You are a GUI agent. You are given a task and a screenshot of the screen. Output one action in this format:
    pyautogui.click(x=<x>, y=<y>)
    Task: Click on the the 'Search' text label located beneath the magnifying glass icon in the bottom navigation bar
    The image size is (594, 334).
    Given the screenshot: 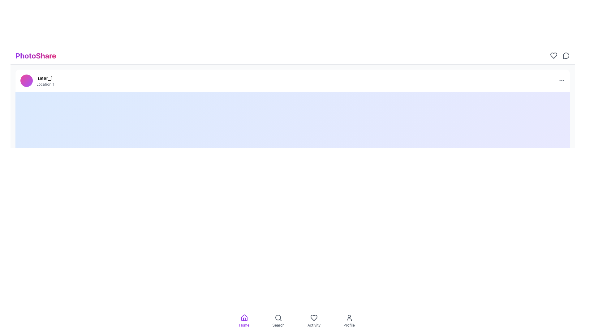 What is the action you would take?
    pyautogui.click(x=278, y=325)
    